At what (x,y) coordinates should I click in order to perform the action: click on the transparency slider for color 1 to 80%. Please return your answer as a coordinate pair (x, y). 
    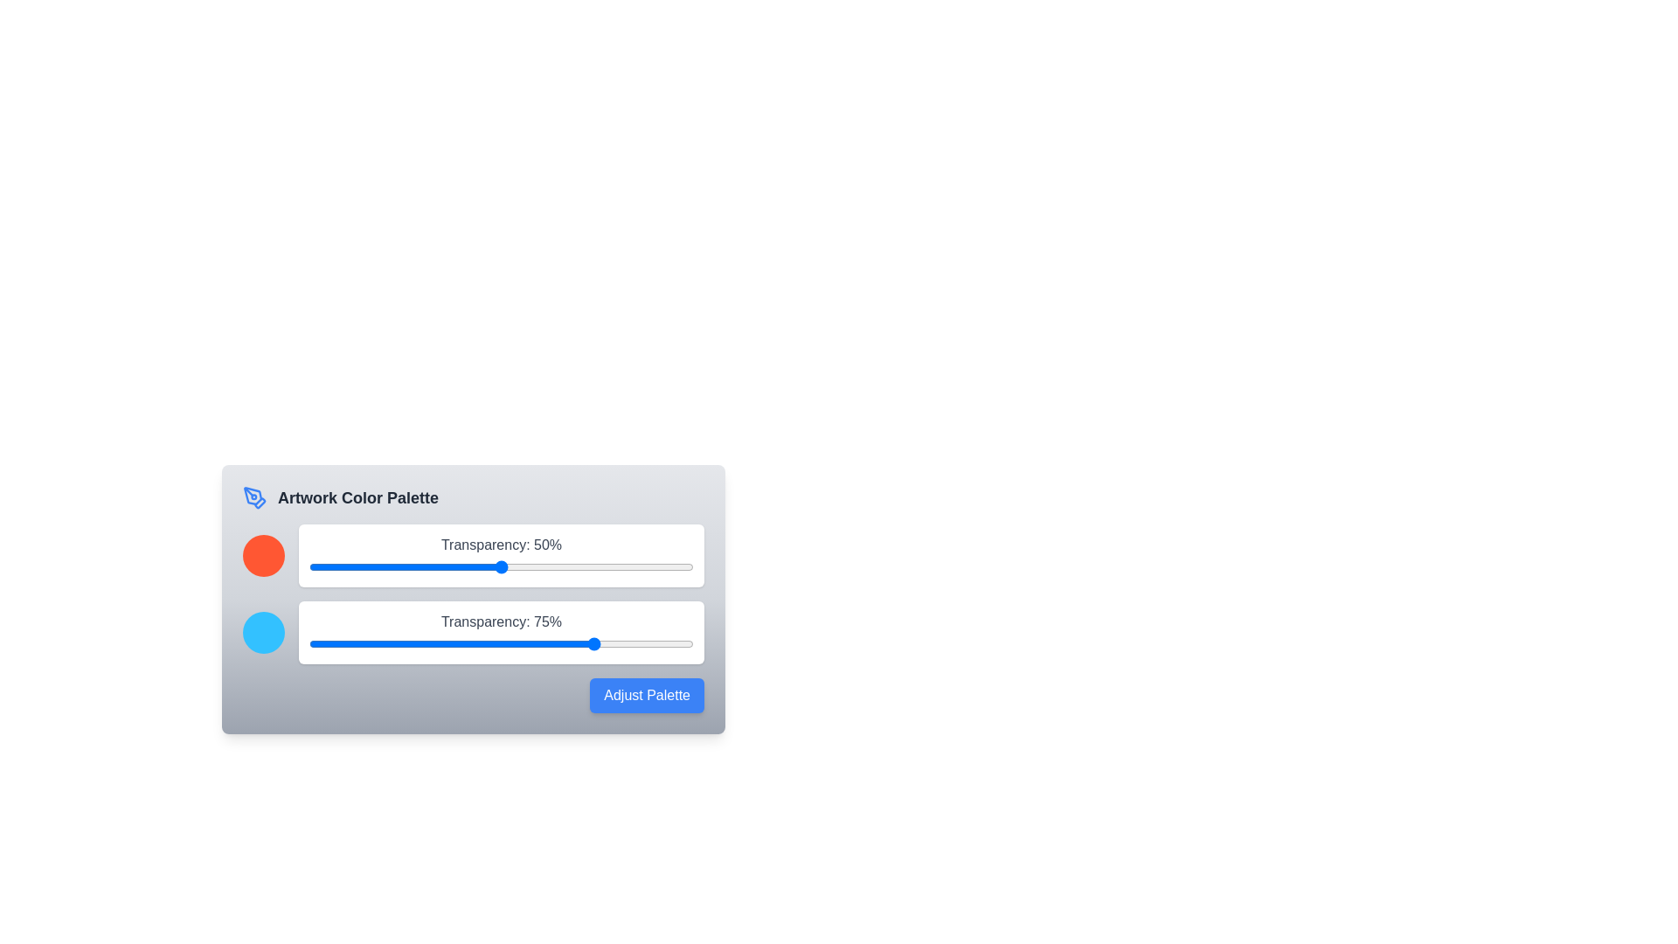
    Looking at the image, I should click on (616, 566).